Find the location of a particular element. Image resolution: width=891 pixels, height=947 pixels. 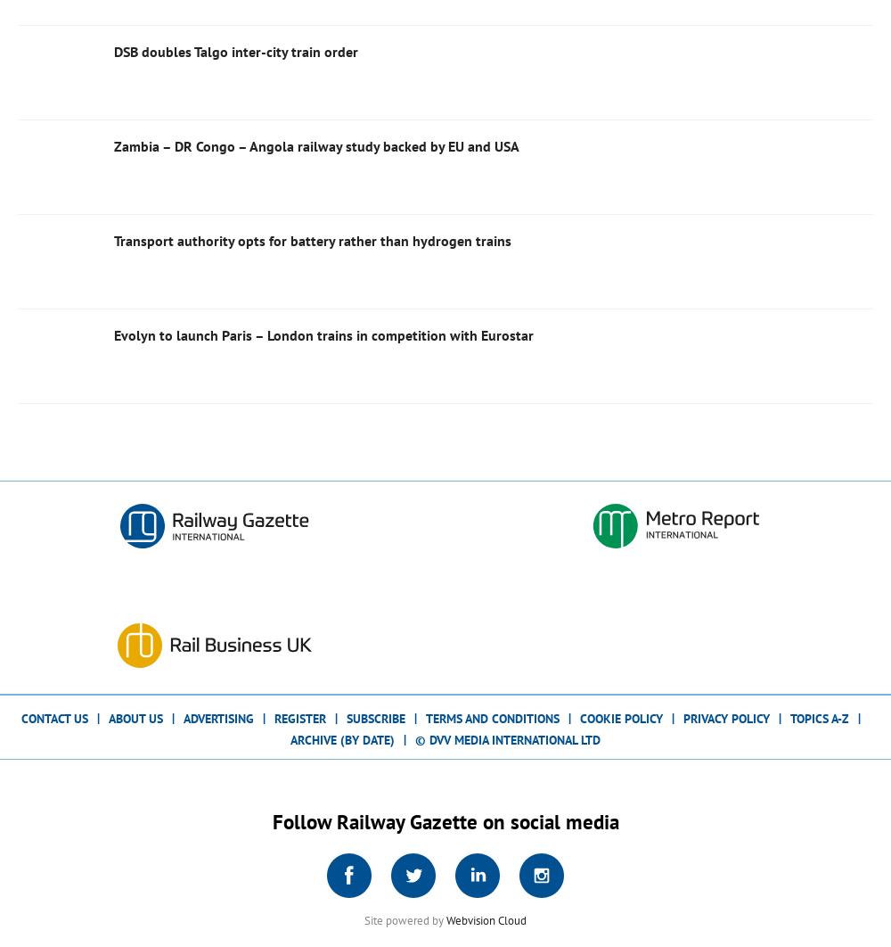

'Subscribe' is located at coordinates (376, 716).